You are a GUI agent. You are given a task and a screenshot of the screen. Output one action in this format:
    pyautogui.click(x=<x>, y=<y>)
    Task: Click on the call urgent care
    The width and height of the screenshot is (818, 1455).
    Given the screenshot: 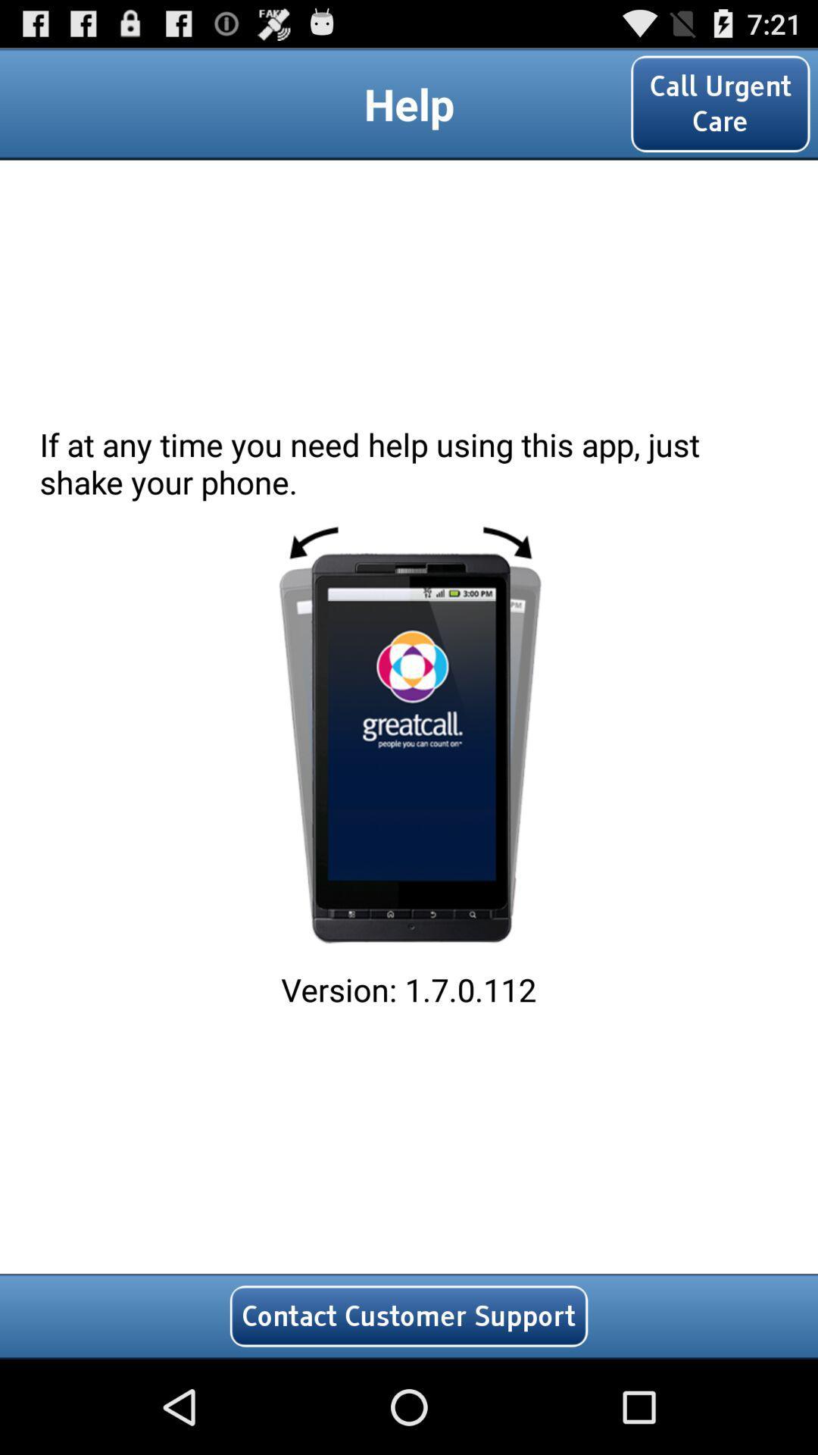 What is the action you would take?
    pyautogui.click(x=720, y=103)
    